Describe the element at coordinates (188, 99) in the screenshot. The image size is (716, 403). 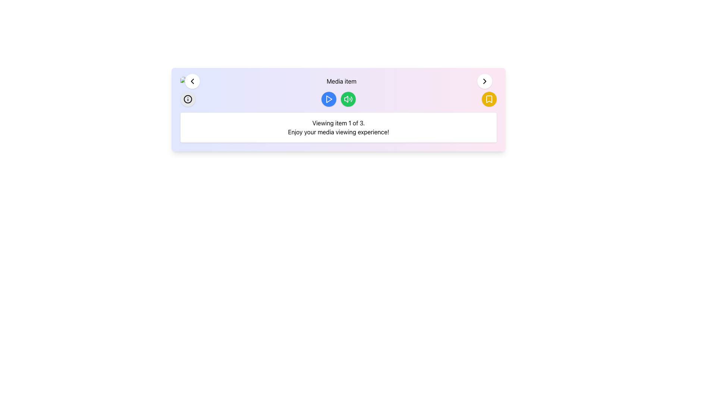
I see `the circular informational button with a light gray background and black outline` at that location.